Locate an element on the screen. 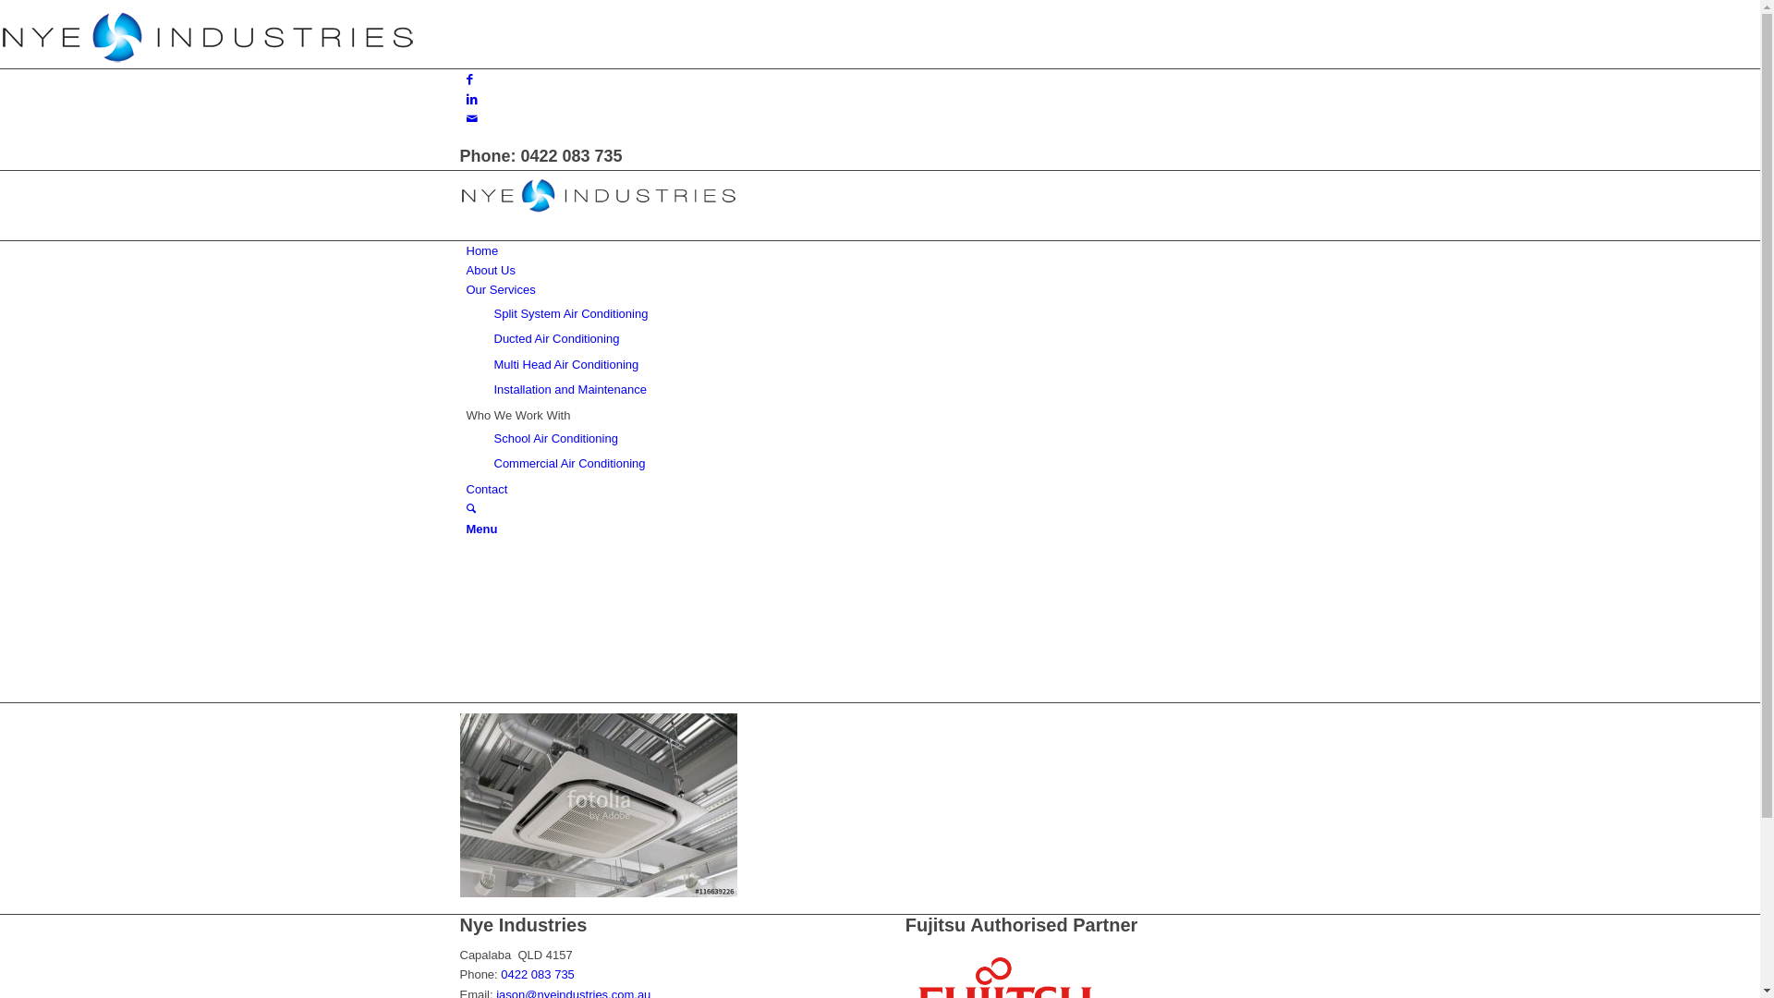 The width and height of the screenshot is (1774, 998). 'School Air Conditioning' is located at coordinates (492, 438).